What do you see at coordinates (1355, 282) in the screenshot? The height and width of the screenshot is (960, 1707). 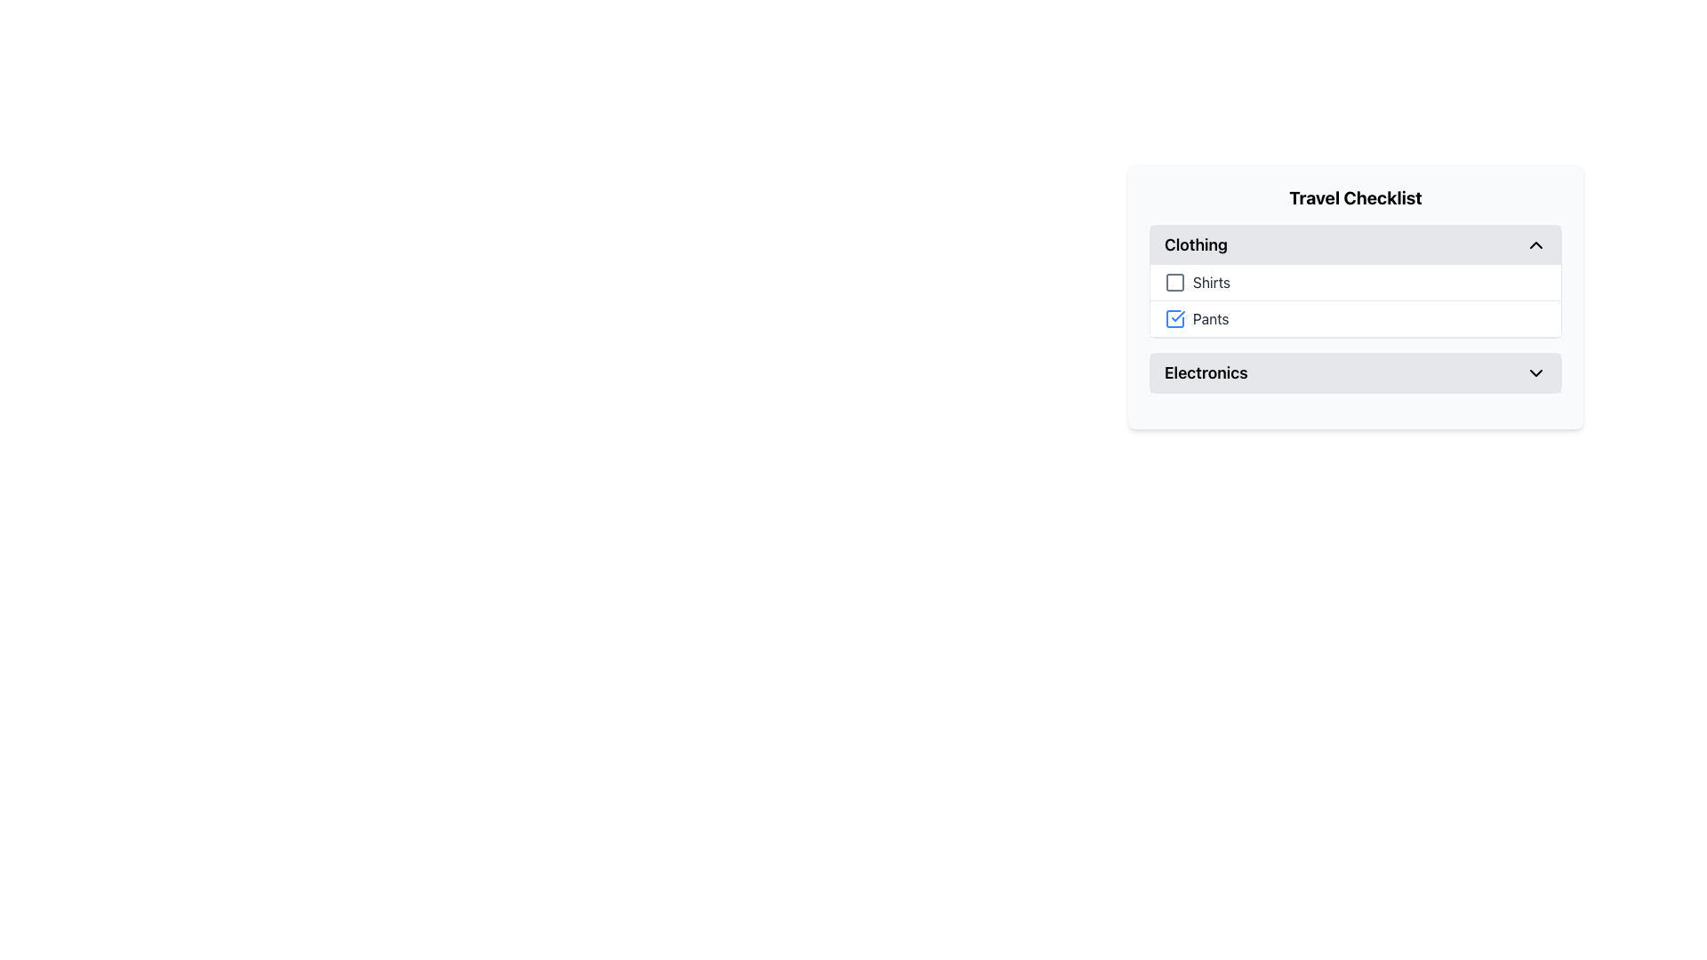 I see `the 'Shirts' selectable list item with a checkbox in the 'Clothing' category of the 'Travel Checklist'` at bounding box center [1355, 282].